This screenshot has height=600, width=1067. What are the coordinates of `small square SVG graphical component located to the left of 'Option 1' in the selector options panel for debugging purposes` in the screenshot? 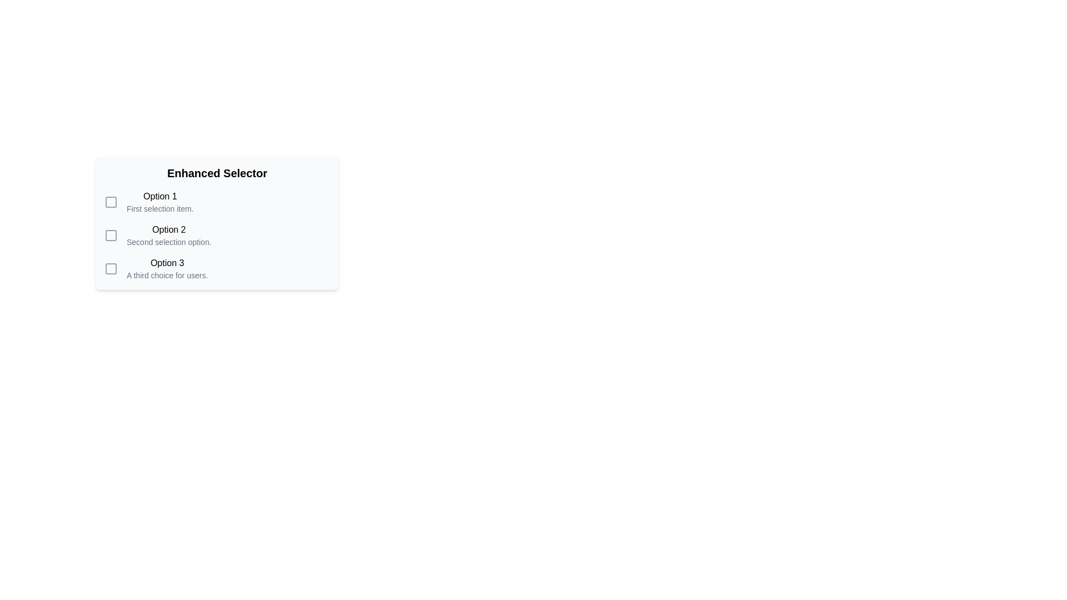 It's located at (111, 202).